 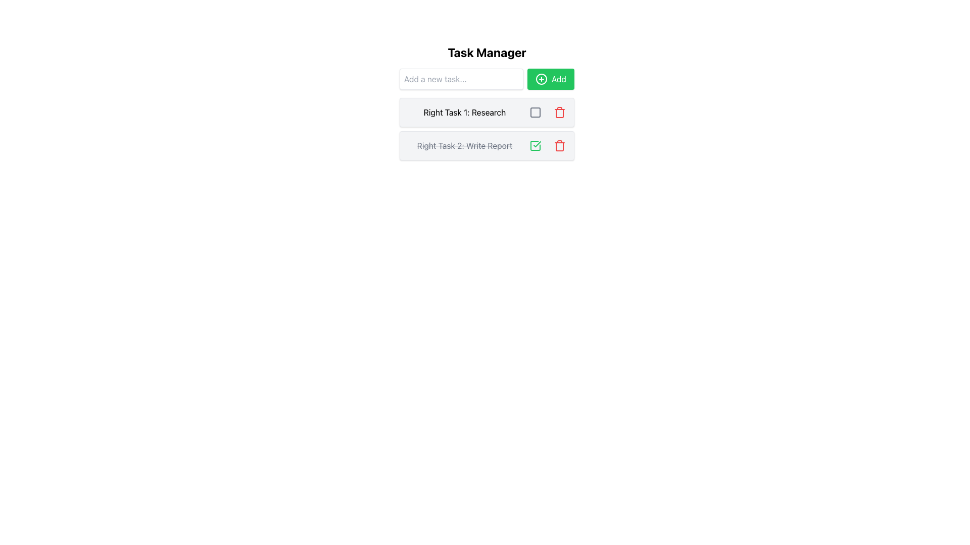 I want to click on the descriptive text label for the task 'Right Task 2: Write Report', which is part of the second task in the task list, so click(x=464, y=146).